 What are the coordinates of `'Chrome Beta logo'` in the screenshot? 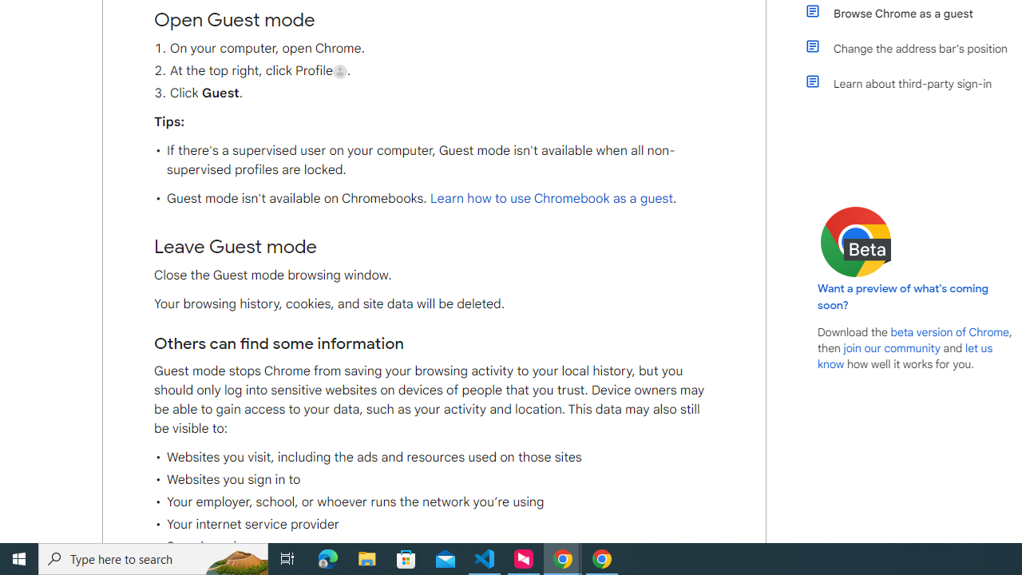 It's located at (855, 242).